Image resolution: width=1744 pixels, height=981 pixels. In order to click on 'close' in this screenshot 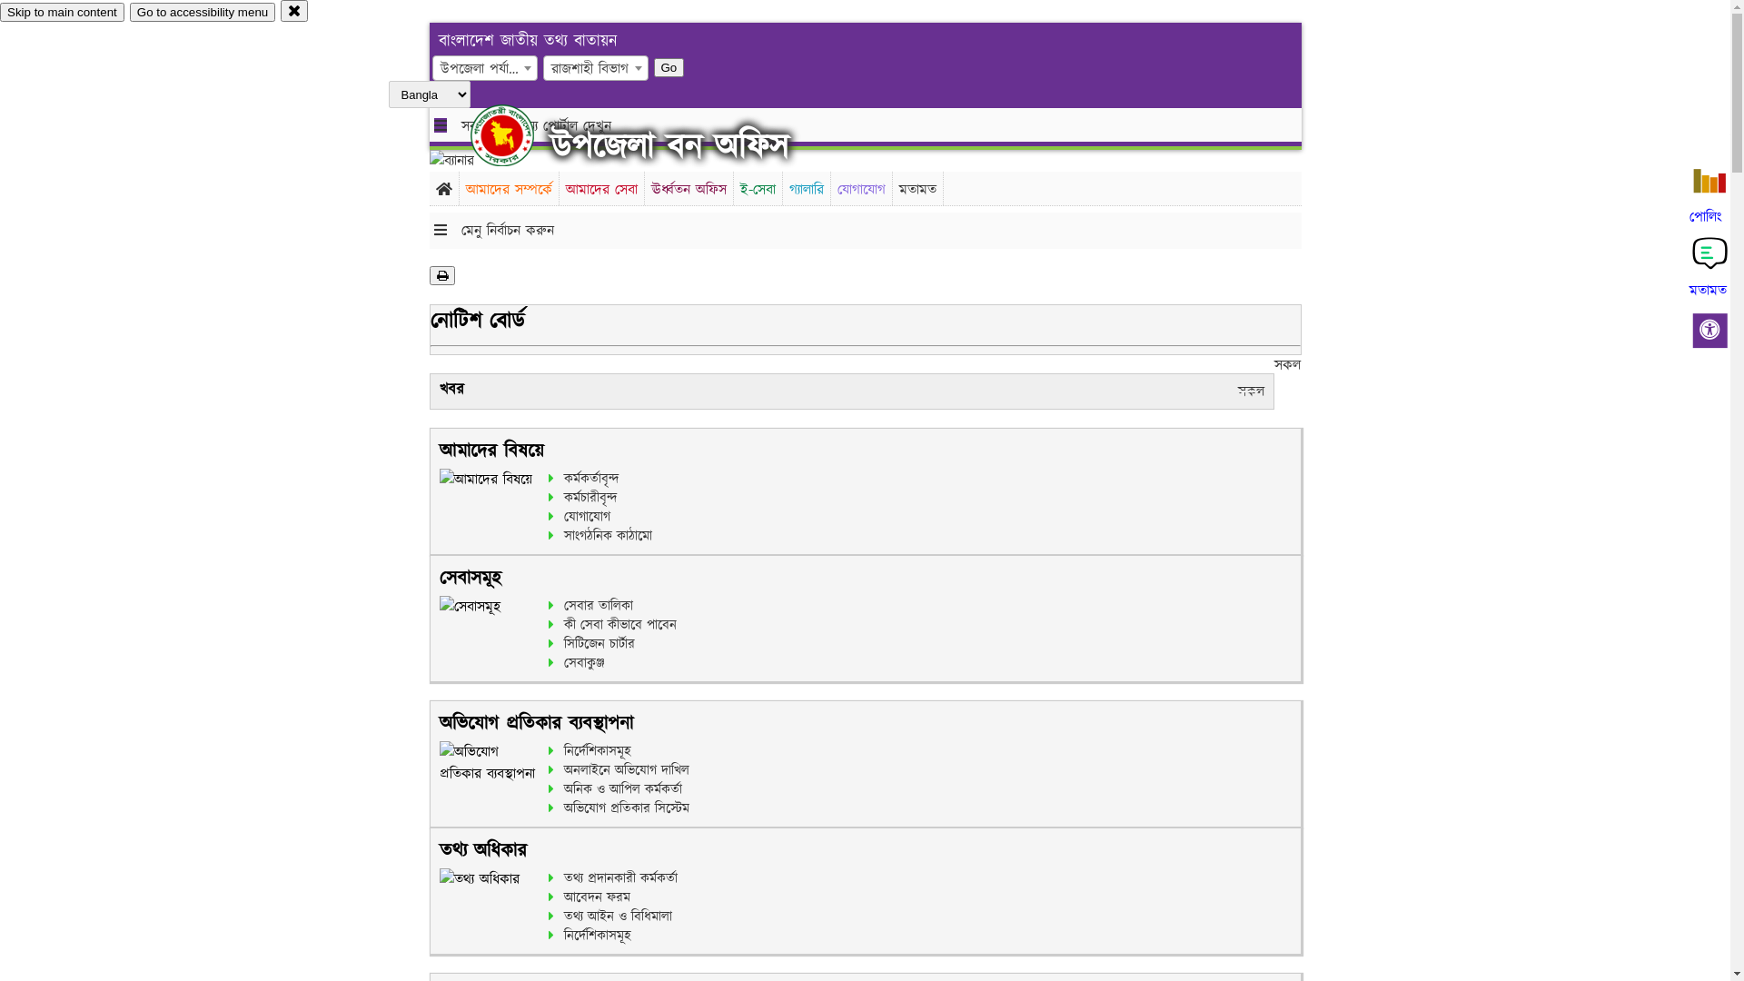, I will do `click(294, 10)`.